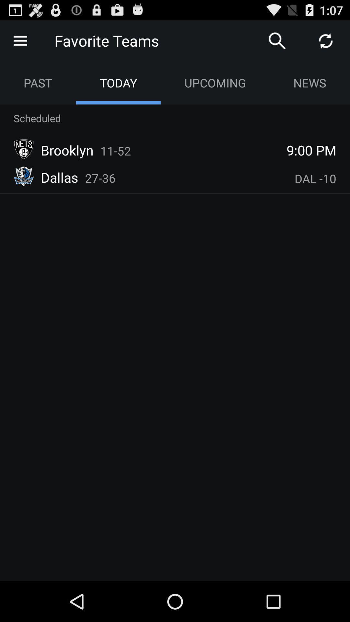  What do you see at coordinates (67, 150) in the screenshot?
I see `item to the left of 11-52` at bounding box center [67, 150].